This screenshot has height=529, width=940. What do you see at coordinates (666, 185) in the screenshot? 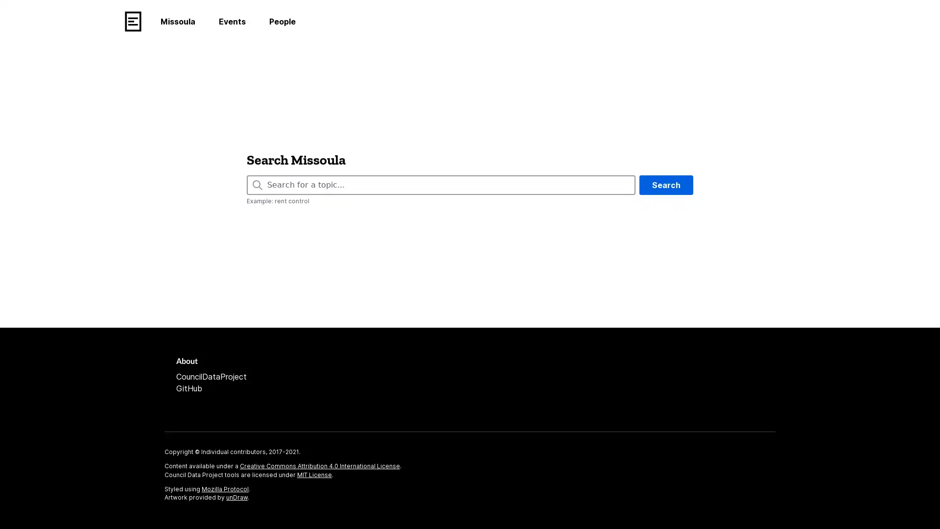
I see `Search` at bounding box center [666, 185].